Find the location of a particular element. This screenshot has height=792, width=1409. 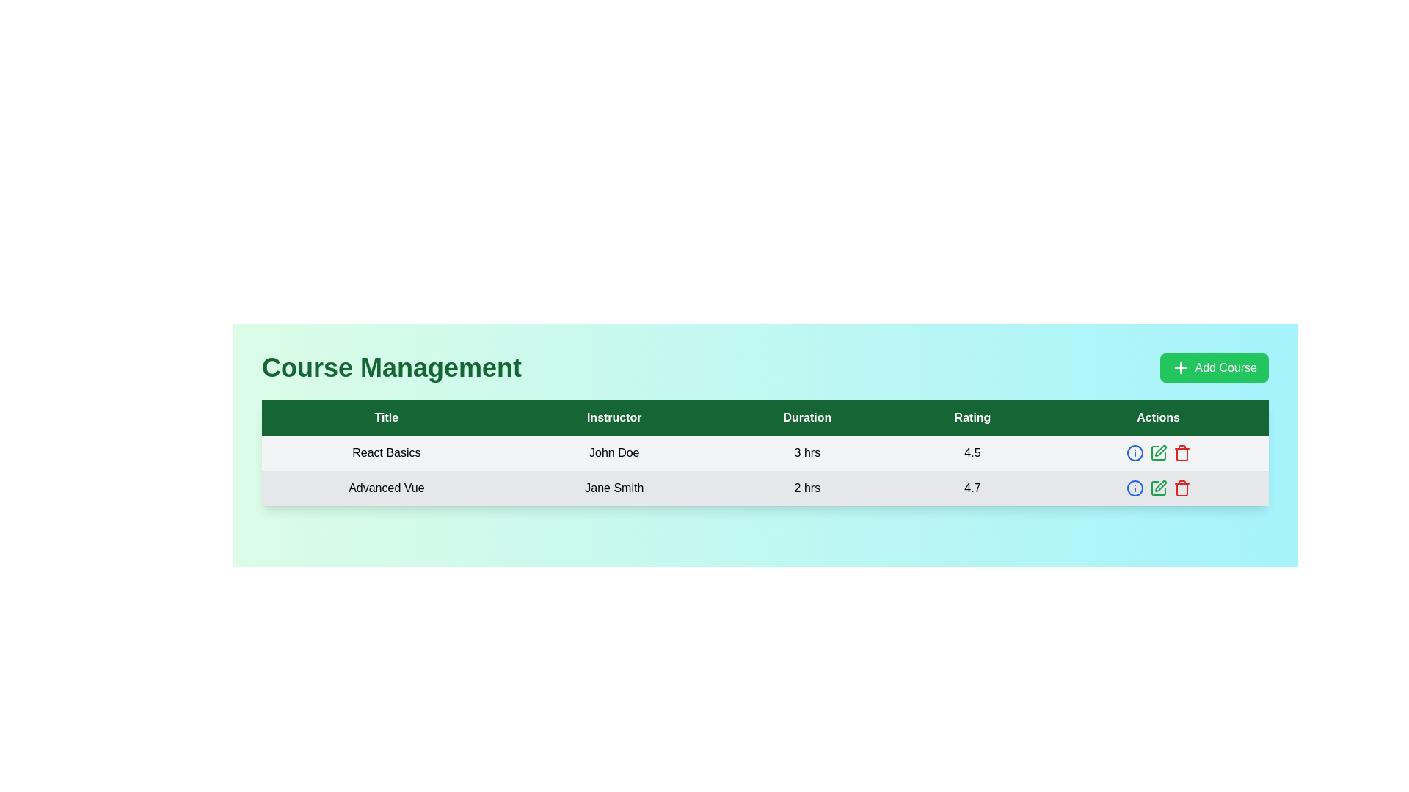

the label displaying the duration of the 'React Basics' course, located in the third column of the first row under the 'Duration' header, between 'John Doe' and '4.5' is located at coordinates (807, 452).